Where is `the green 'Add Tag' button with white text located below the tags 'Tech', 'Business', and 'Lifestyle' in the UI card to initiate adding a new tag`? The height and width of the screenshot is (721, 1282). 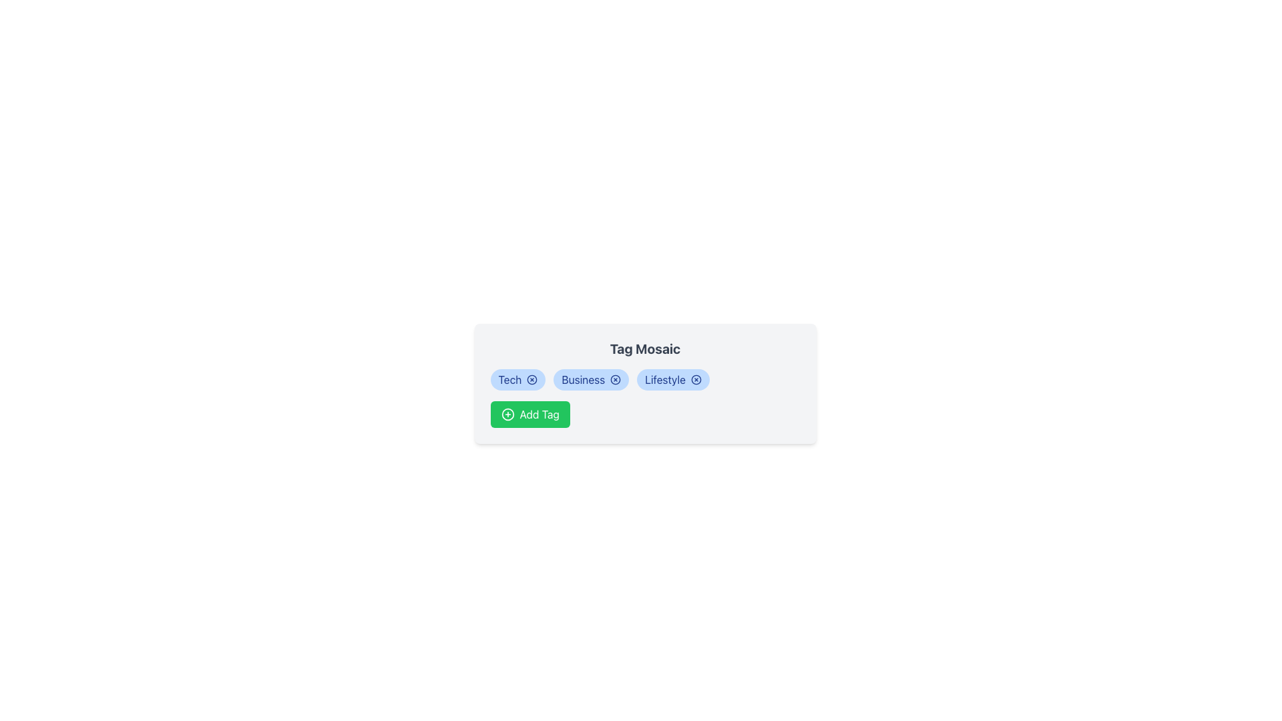 the green 'Add Tag' button with white text located below the tags 'Tech', 'Business', and 'Lifestyle' in the UI card to initiate adding a new tag is located at coordinates (529, 414).